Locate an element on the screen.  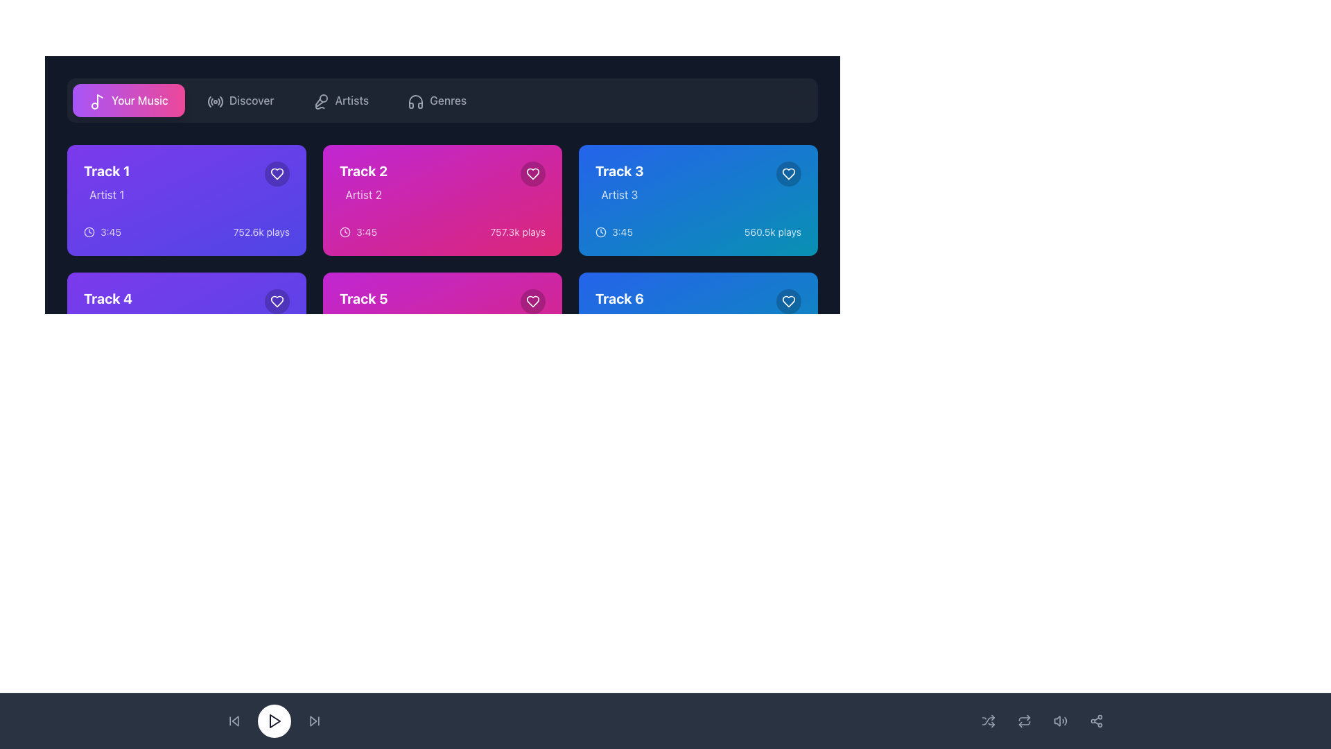
the heart-shaped icon located in the top-right corner of the 'Track 3' card is located at coordinates (788, 173).